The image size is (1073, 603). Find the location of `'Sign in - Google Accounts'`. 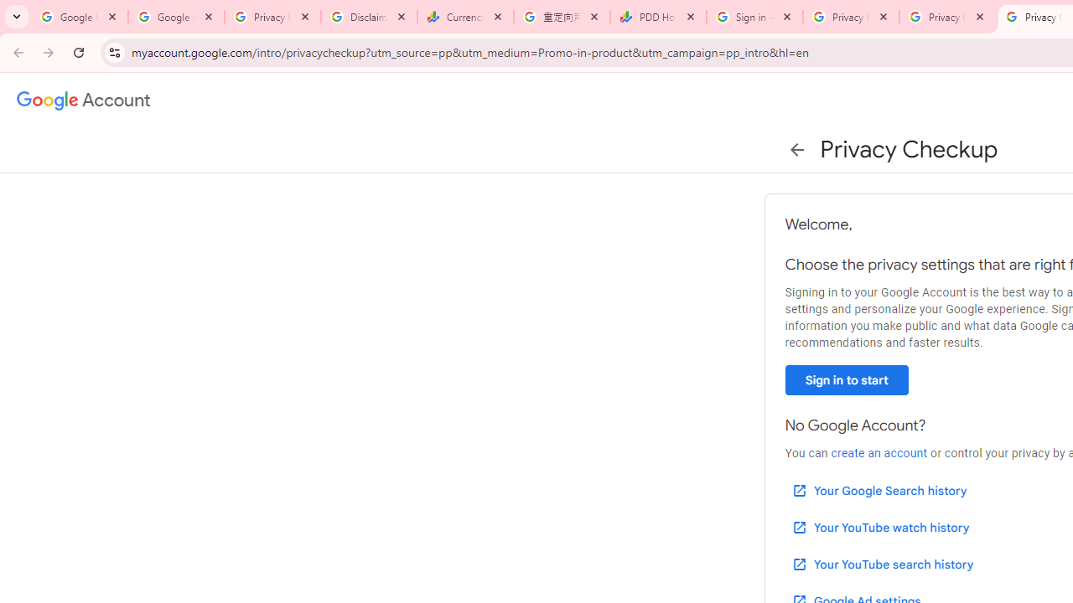

'Sign in - Google Accounts' is located at coordinates (754, 17).